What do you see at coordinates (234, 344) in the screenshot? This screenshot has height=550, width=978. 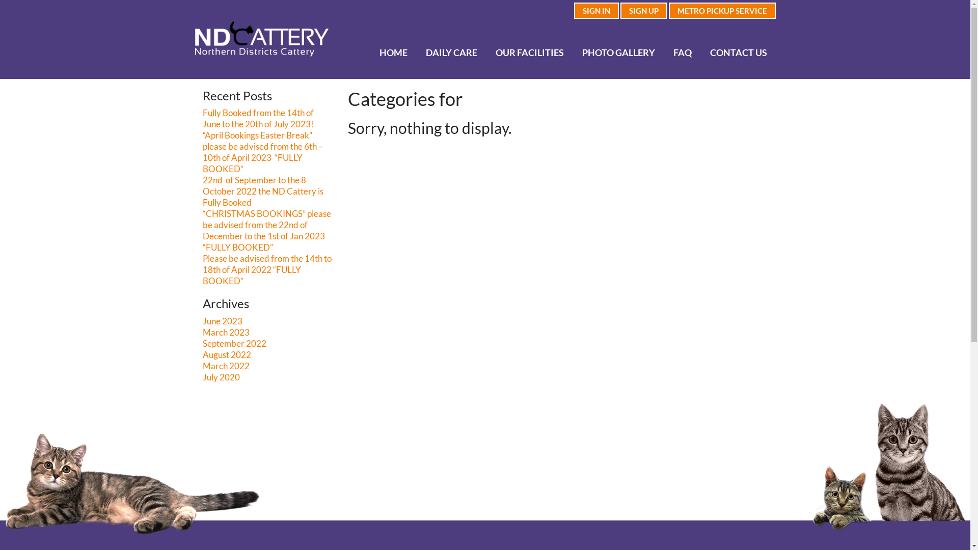 I see `'September 2022'` at bounding box center [234, 344].